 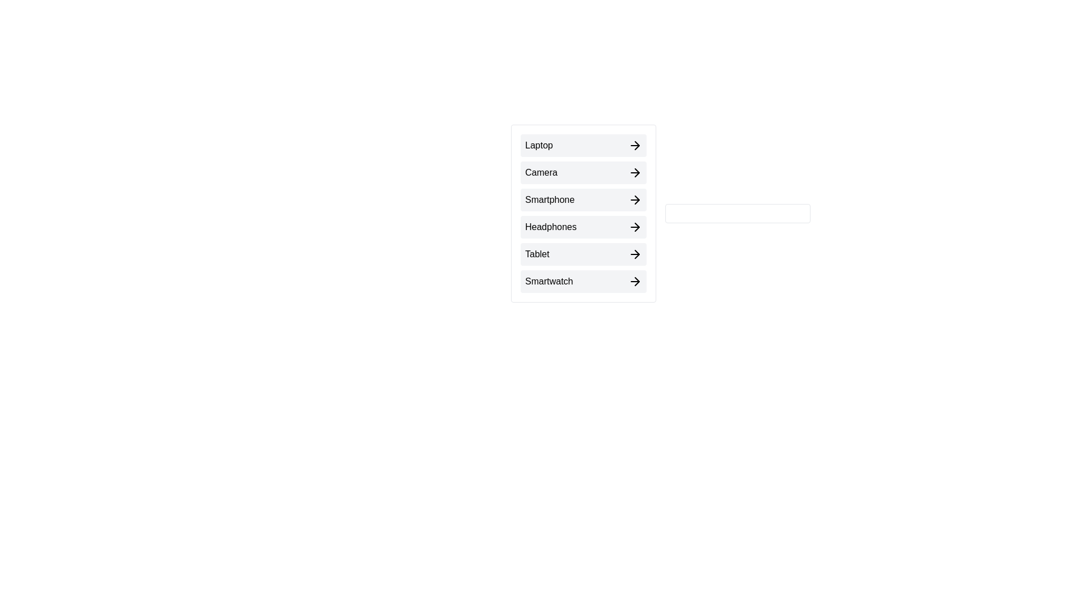 I want to click on the arrow button next to Smartwatch to move it to the right list, so click(x=583, y=281).